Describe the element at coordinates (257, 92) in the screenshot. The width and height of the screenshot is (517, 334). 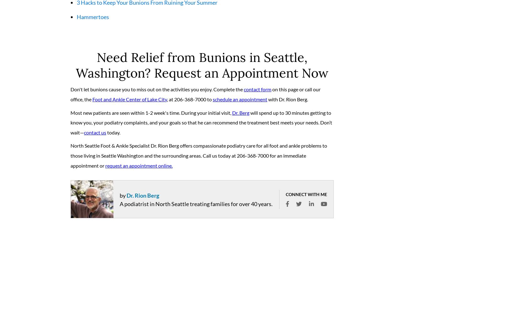
I see `'contact form'` at that location.